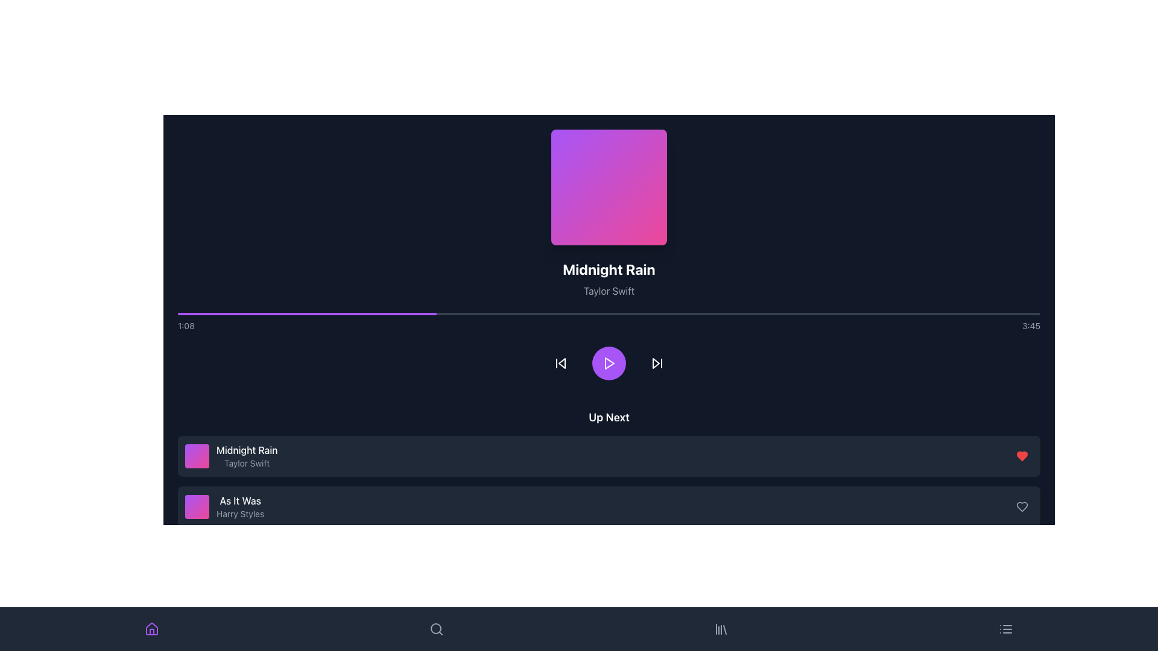 The height and width of the screenshot is (651, 1158). What do you see at coordinates (609, 278) in the screenshot?
I see `the text display that shows the currently playing song's title and artist name, which is centrally aligned below the album cover image and above the progress bar` at bounding box center [609, 278].